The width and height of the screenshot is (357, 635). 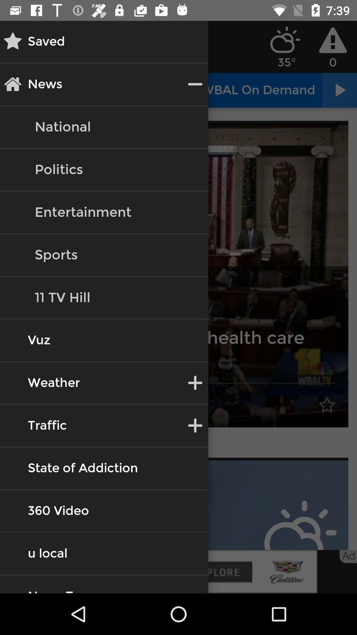 What do you see at coordinates (24, 45) in the screenshot?
I see `the star icon` at bounding box center [24, 45].